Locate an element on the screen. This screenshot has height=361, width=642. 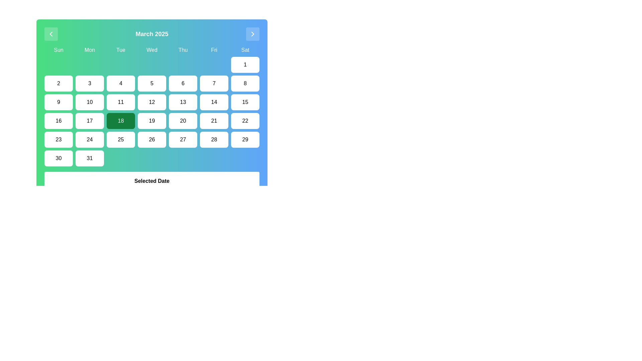
the button representing the 16th date in the calendar grid is located at coordinates (59, 121).